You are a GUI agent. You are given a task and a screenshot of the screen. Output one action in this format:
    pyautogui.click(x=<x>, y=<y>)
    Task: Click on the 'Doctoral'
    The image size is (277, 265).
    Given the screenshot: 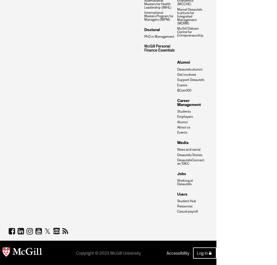 What is the action you would take?
    pyautogui.click(x=152, y=29)
    